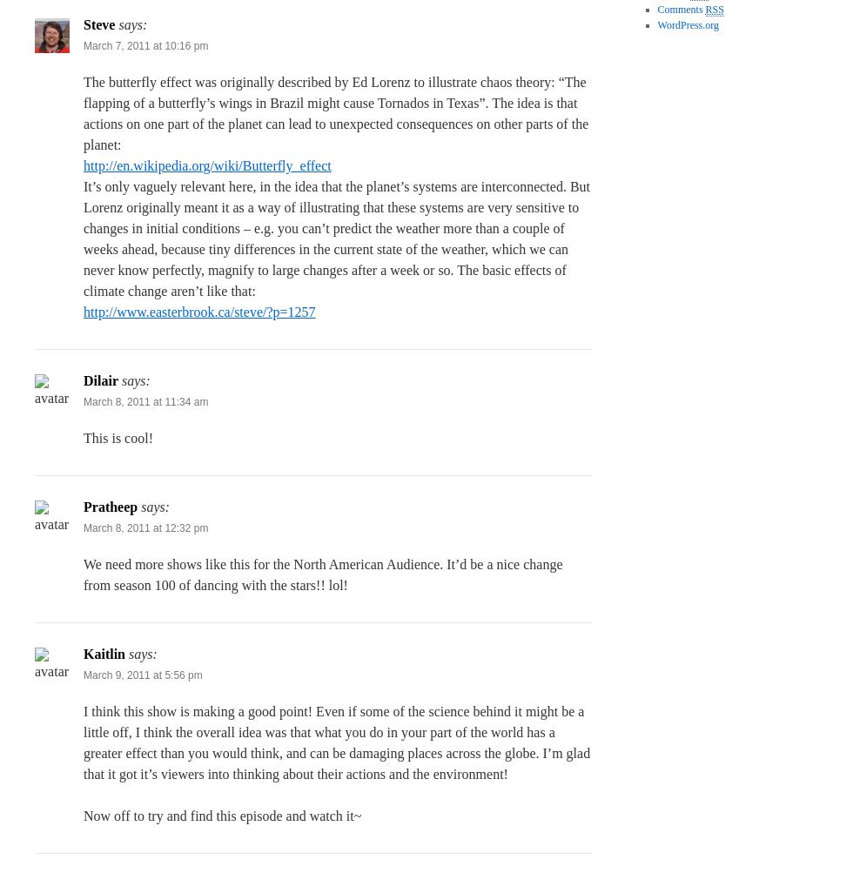 The height and width of the screenshot is (873, 853). Describe the element at coordinates (84, 742) in the screenshot. I see `'I think this show is making a good point!  Even if some of the science behind it might be a little off, I think the overall idea was that what you do in your part of the world has a greater effect than you would think, and can be damaging places across the globe.  I’m glad that it got it’s viewers into thinking about their actions and the environment!'` at that location.